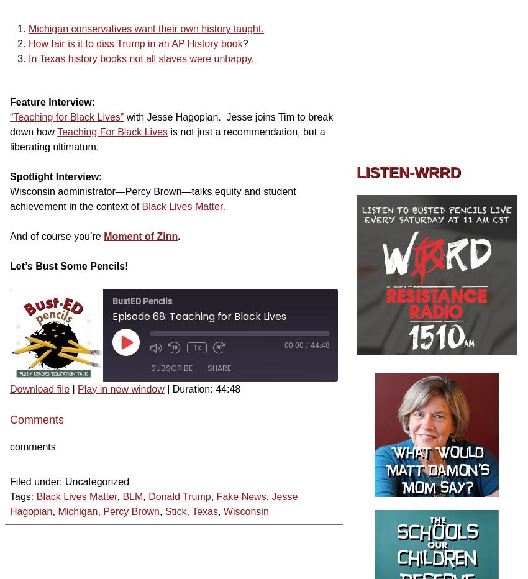 This screenshot has width=528, height=579. What do you see at coordinates (170, 124) in the screenshot?
I see `'with Jesse Hagopian.  Jesse joins Tim to break down how'` at bounding box center [170, 124].